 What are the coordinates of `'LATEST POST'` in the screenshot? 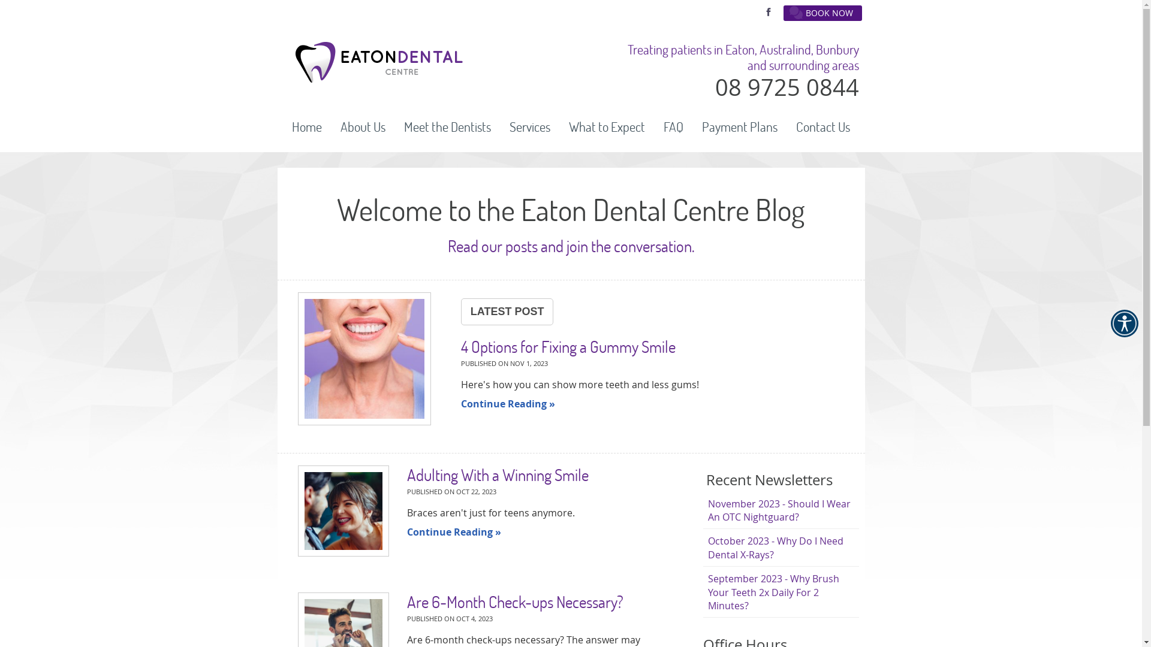 It's located at (460, 311).